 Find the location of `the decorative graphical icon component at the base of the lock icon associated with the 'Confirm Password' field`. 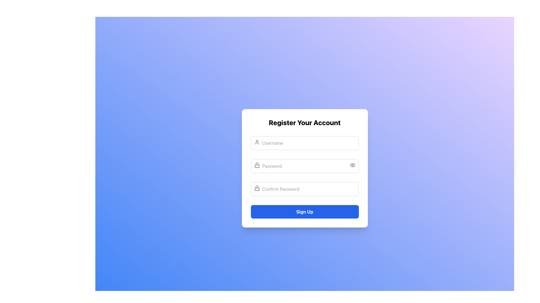

the decorative graphical icon component at the base of the lock icon associated with the 'Confirm Password' field is located at coordinates (256, 189).